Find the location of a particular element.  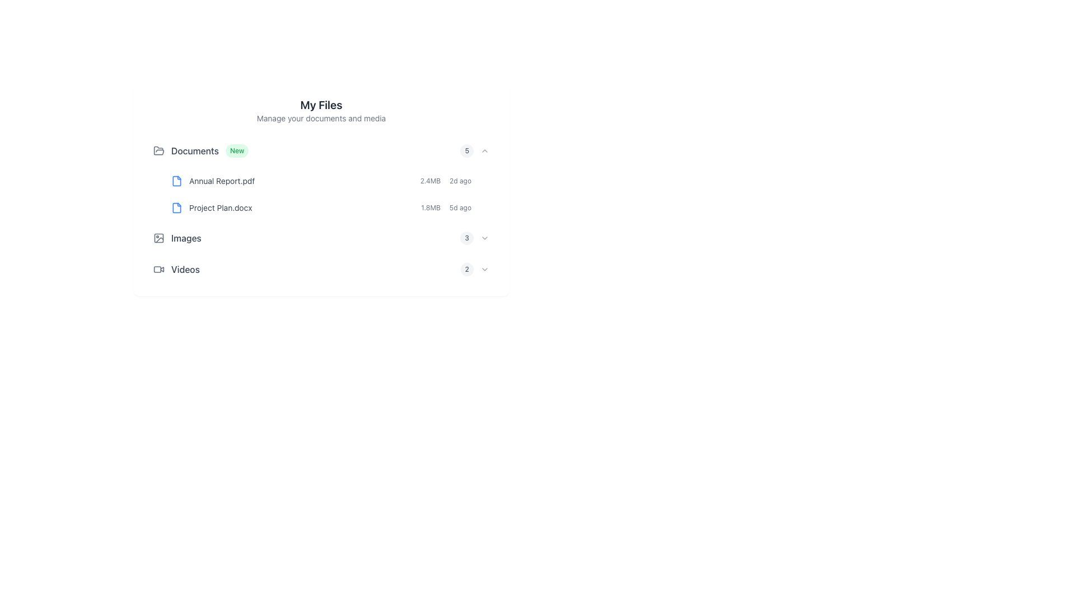

the Text label indicating the file size in megabytes, which is positioned to the left of '5d ago' and aligned with the download icon is located at coordinates (430, 207).